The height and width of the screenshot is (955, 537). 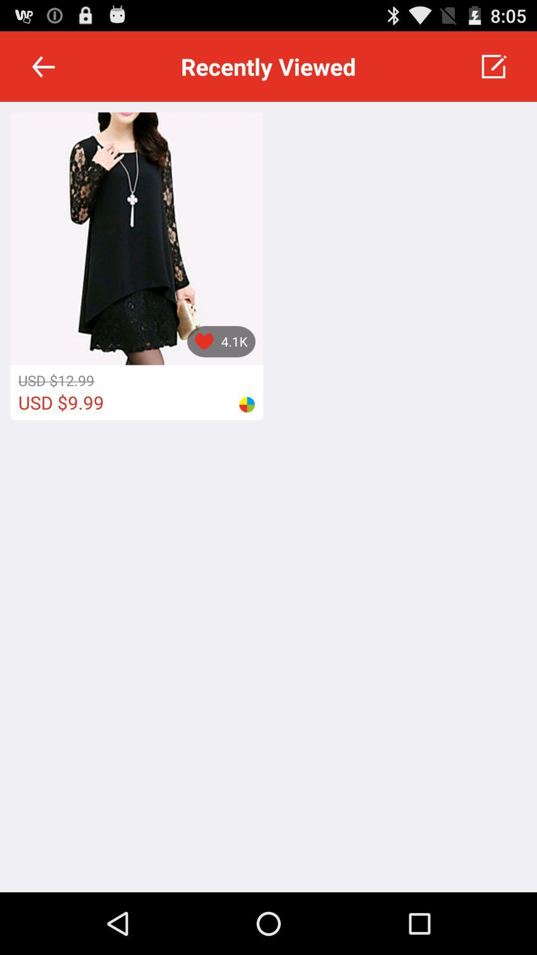 What do you see at coordinates (493, 66) in the screenshot?
I see `the app to the right of recently viewed app` at bounding box center [493, 66].